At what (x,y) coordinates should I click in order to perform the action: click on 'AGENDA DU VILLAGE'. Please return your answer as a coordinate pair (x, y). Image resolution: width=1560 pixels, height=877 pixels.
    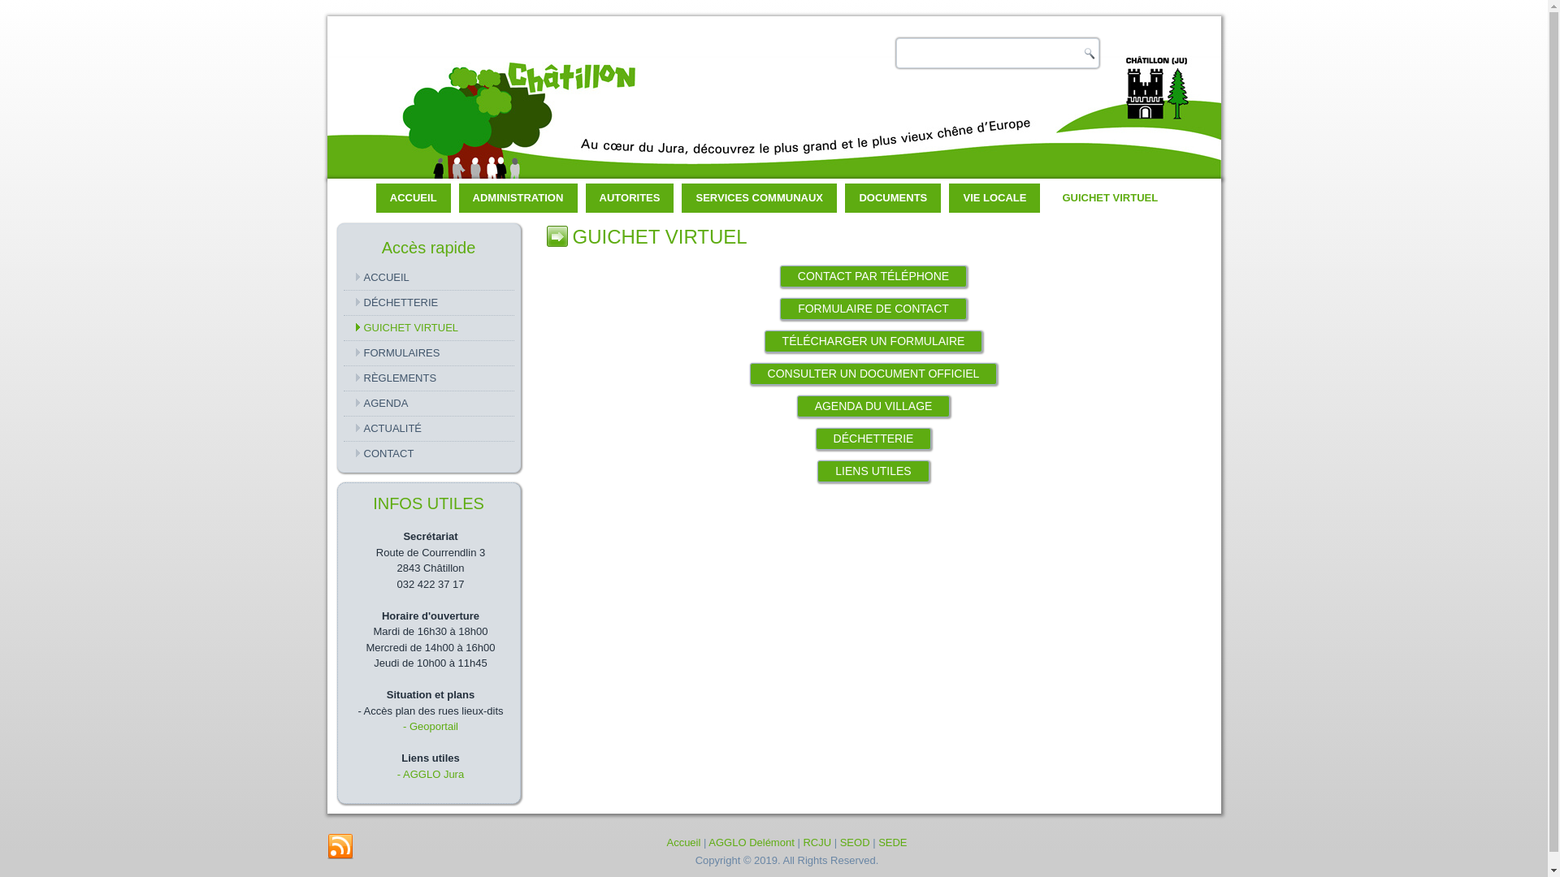
    Looking at the image, I should click on (873, 405).